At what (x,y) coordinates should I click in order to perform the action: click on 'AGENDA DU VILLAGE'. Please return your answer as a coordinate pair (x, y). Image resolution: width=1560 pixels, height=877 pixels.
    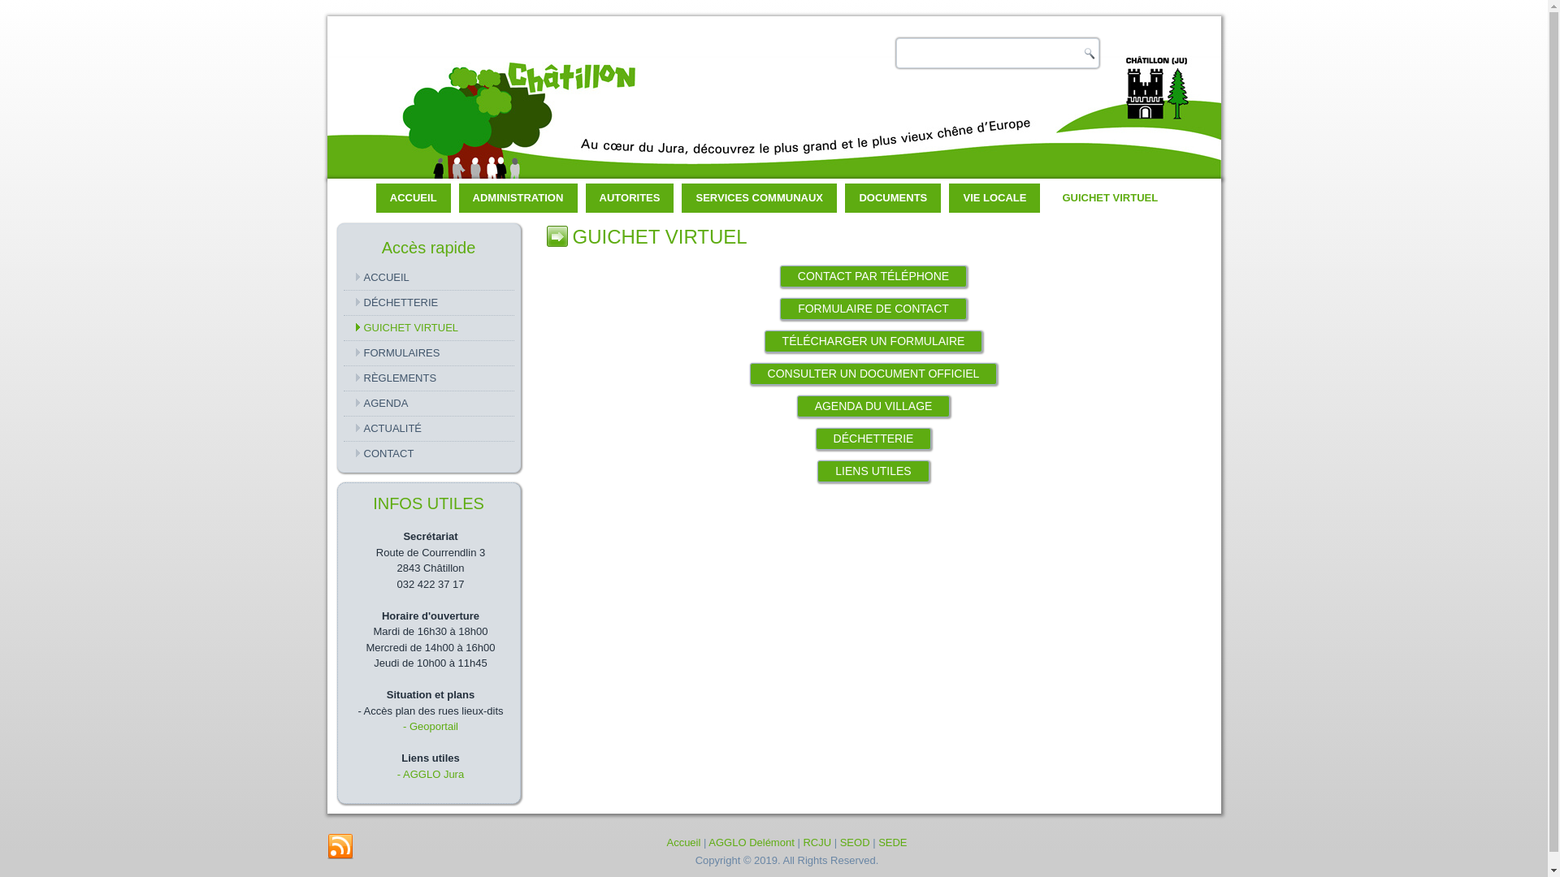
    Looking at the image, I should click on (873, 405).